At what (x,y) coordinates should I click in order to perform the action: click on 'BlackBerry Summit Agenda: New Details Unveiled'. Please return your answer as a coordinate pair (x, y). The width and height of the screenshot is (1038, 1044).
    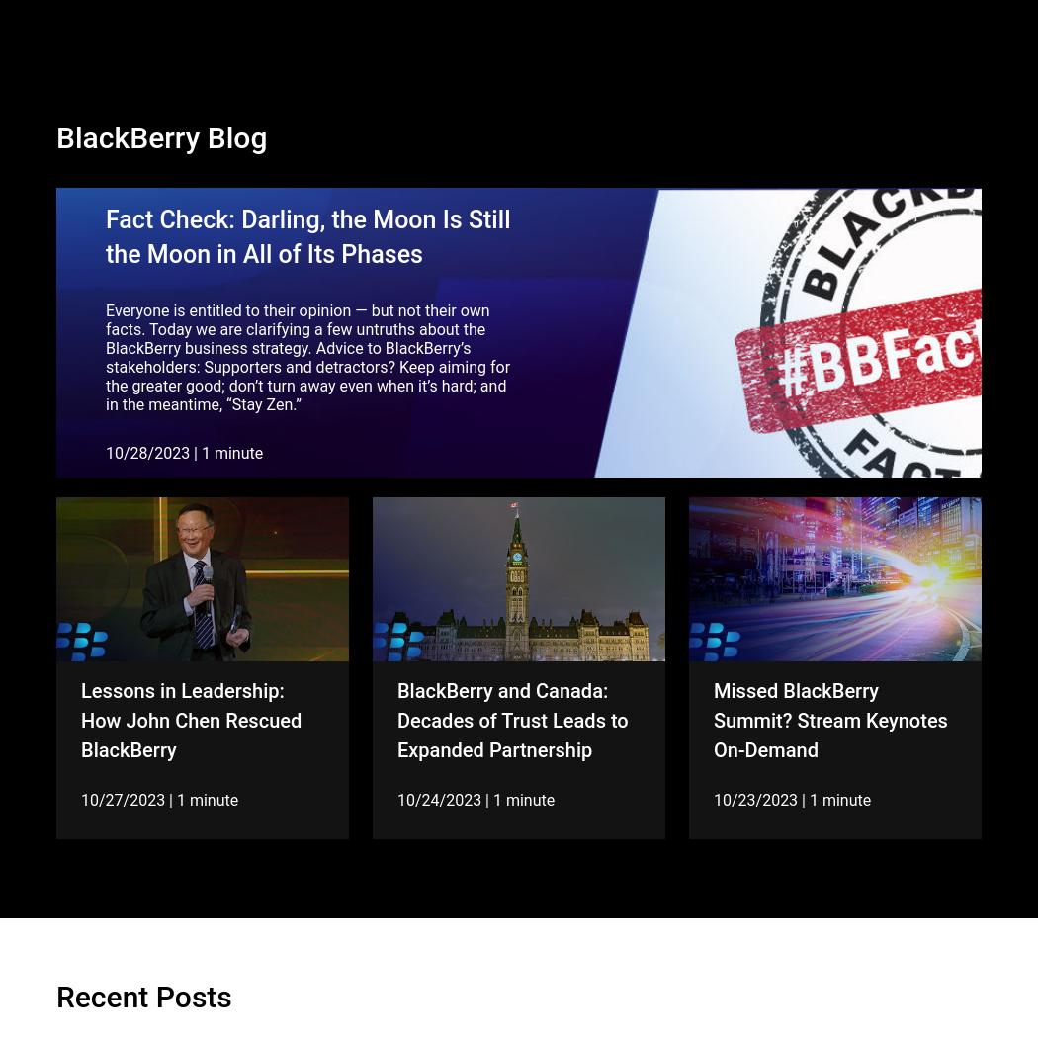
    Looking at the image, I should click on (494, 747).